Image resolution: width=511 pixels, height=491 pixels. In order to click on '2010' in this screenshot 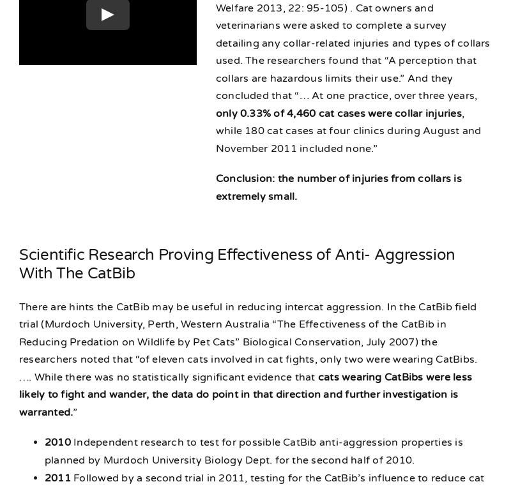, I will do `click(57, 442)`.